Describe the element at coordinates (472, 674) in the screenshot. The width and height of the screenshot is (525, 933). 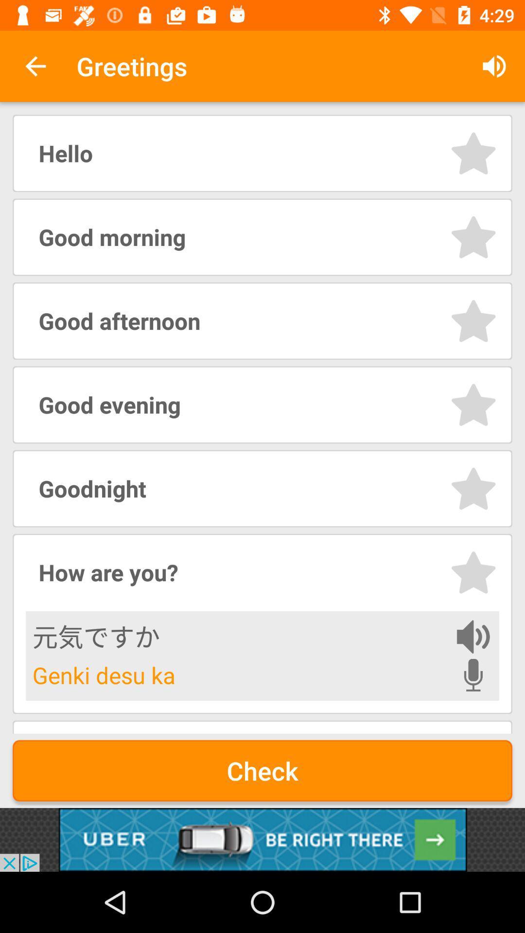
I see `use microphone` at that location.